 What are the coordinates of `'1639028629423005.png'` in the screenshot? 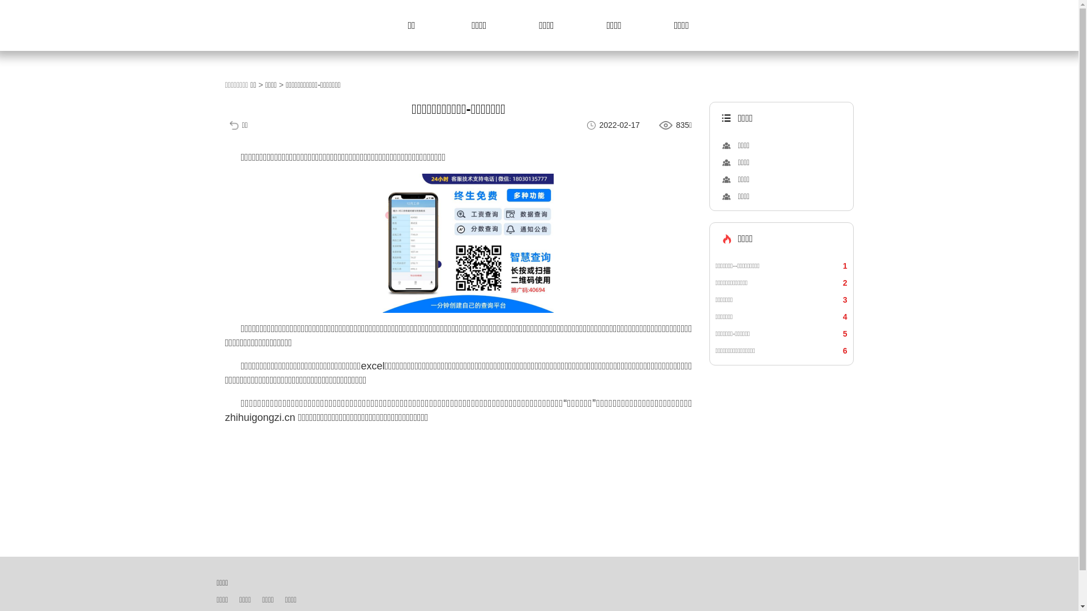 It's located at (468, 243).